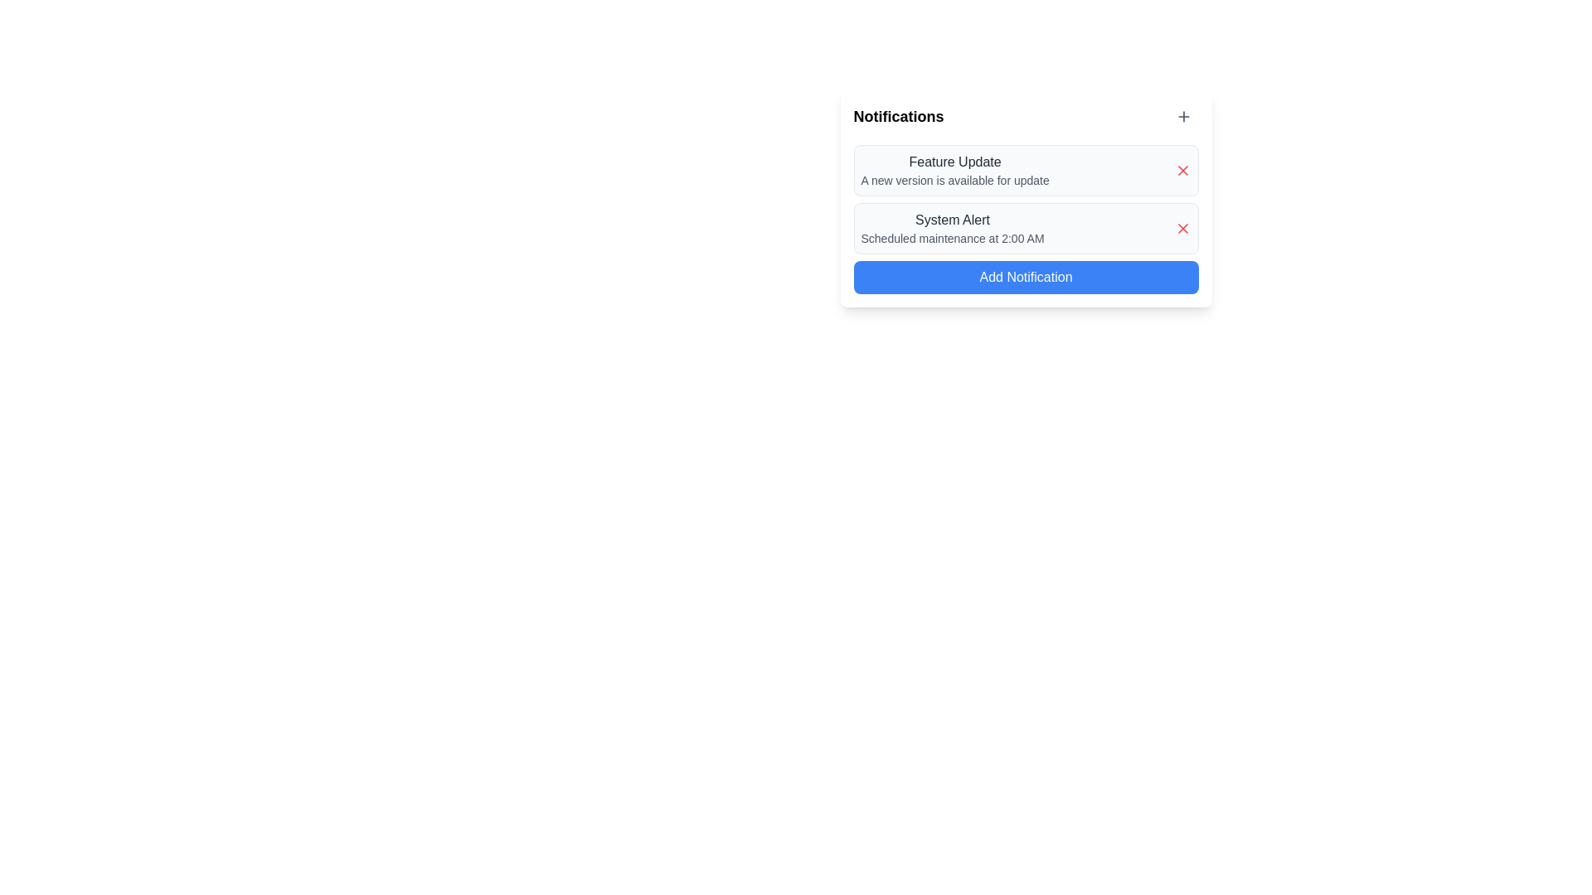 Image resolution: width=1592 pixels, height=895 pixels. What do you see at coordinates (955, 170) in the screenshot?
I see `text of the notification titled 'Feature Update' with the subtitle 'A new version is available for update', located in the first notification box below the 'Notifications' header` at bounding box center [955, 170].